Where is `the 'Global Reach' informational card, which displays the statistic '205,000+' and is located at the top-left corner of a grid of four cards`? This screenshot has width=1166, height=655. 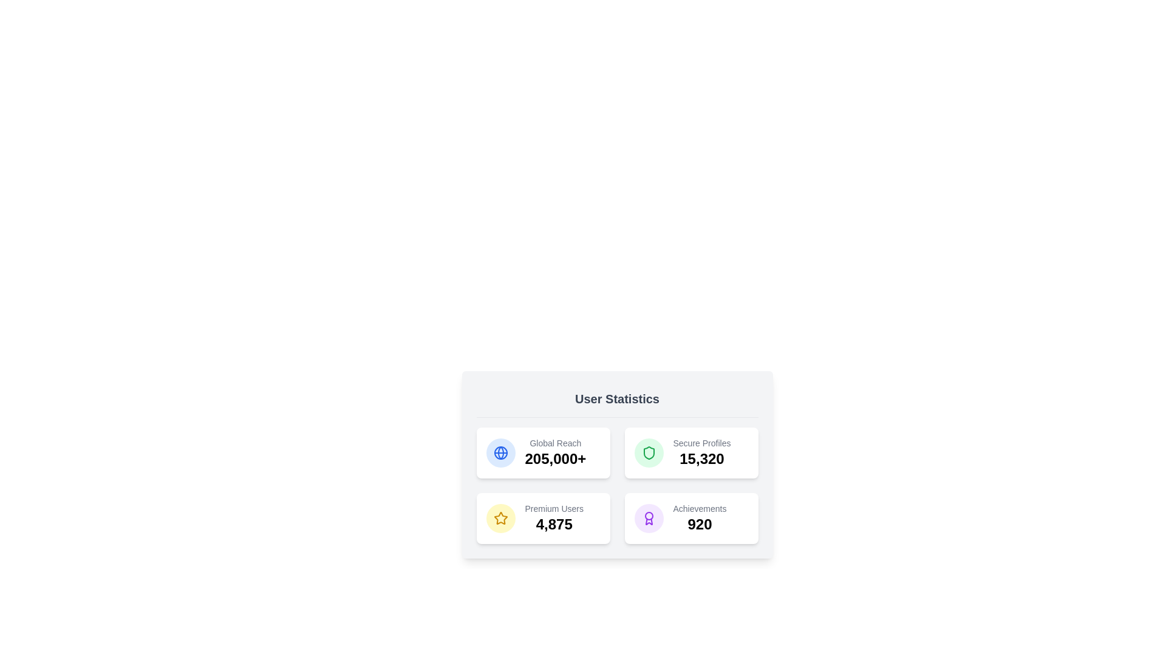
the 'Global Reach' informational card, which displays the statistic '205,000+' and is located at the top-left corner of a grid of four cards is located at coordinates (542, 453).